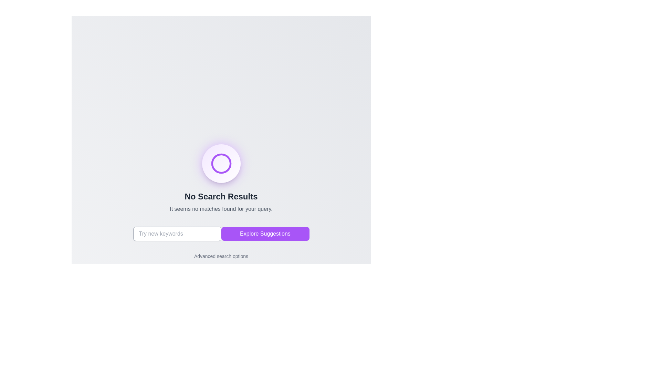 The width and height of the screenshot is (661, 372). Describe the element at coordinates (265, 233) in the screenshot. I see `the purple rectangular button labeled 'Explore Suggestions' to observe its hover effects` at that location.